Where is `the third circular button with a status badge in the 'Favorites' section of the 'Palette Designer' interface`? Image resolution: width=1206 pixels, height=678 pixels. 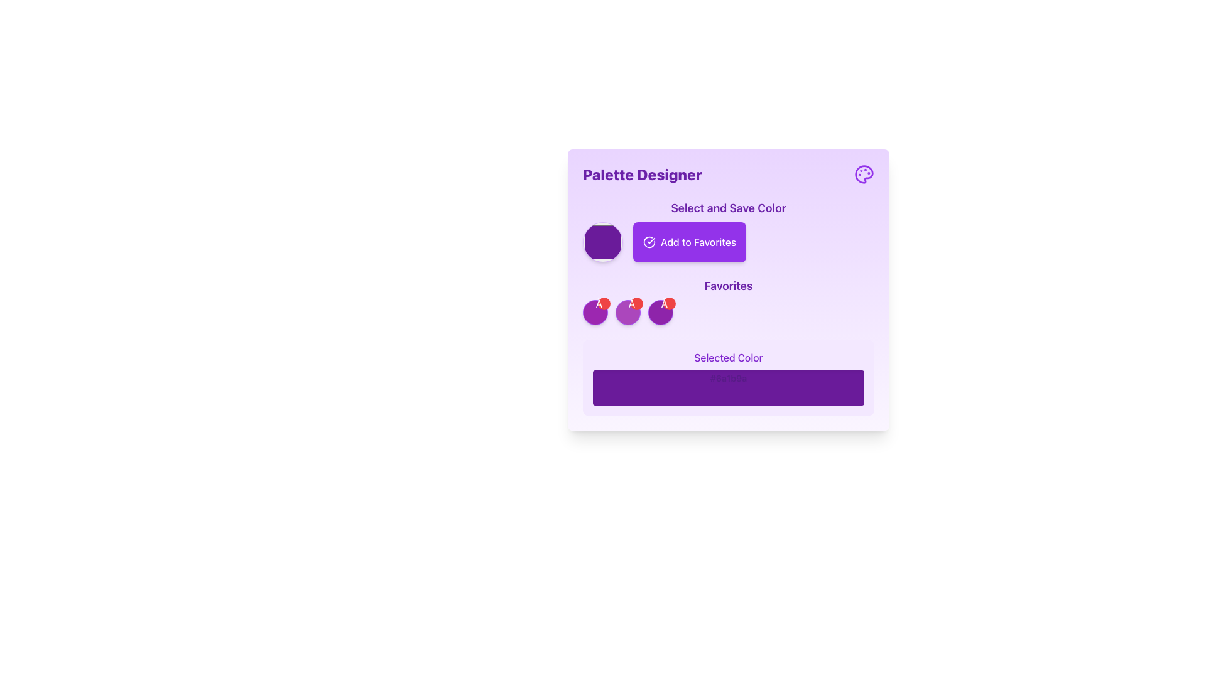 the third circular button with a status badge in the 'Favorites' section of the 'Palette Designer' interface is located at coordinates (660, 311).